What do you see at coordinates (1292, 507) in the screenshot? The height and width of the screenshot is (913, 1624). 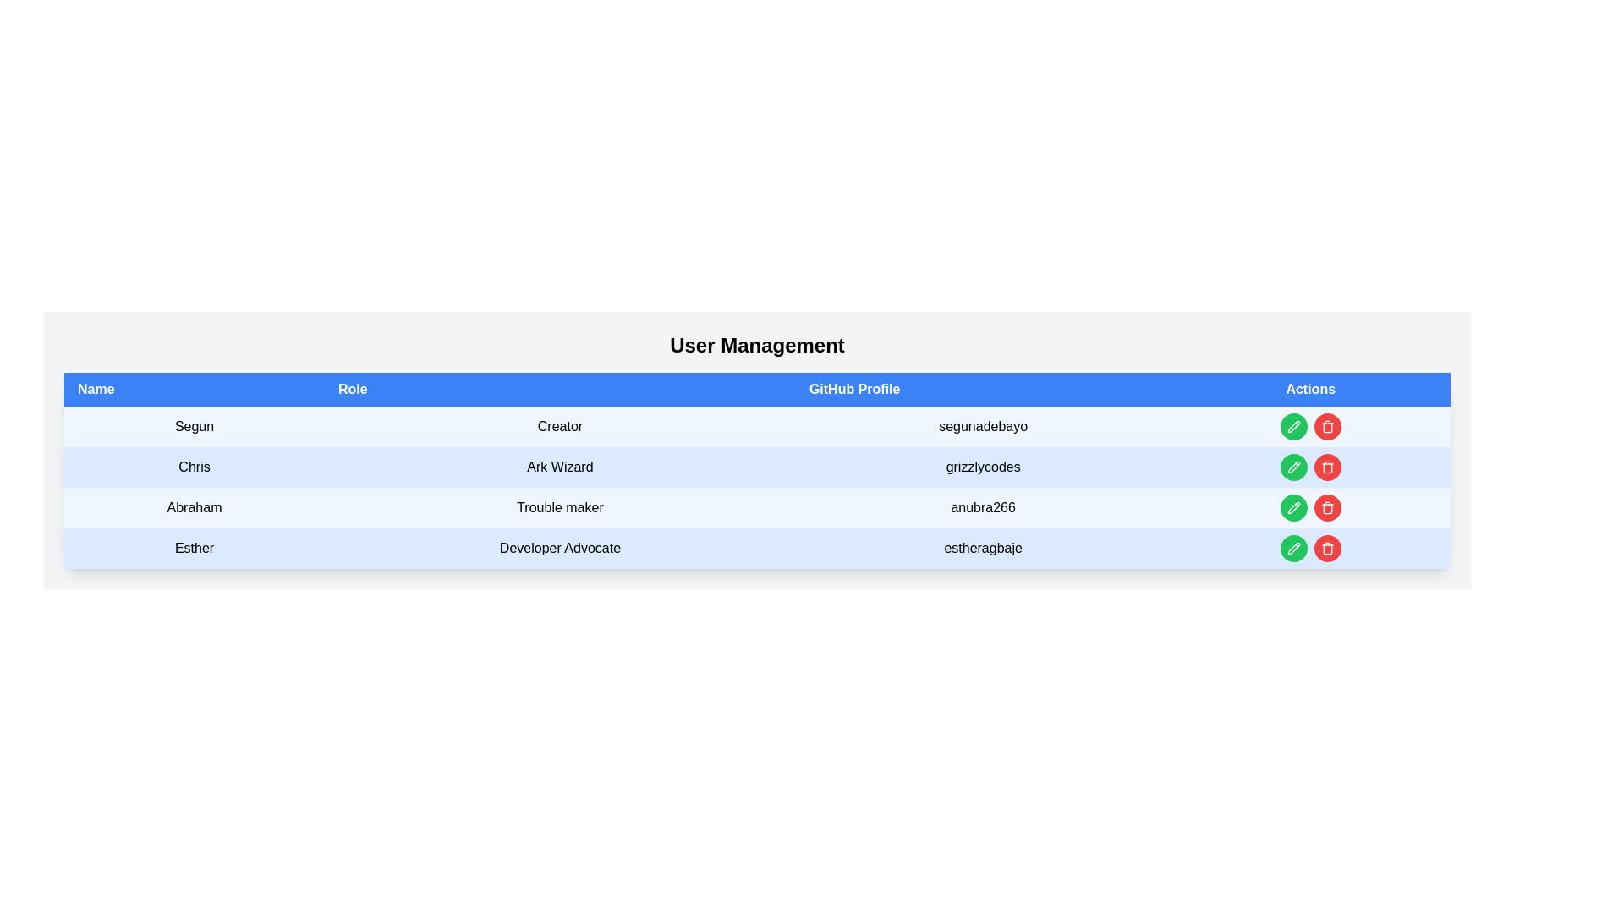 I see `the pencil-shaped SVG icon button with a green circular background in the Actions column for user 'Abraham'` at bounding box center [1292, 507].